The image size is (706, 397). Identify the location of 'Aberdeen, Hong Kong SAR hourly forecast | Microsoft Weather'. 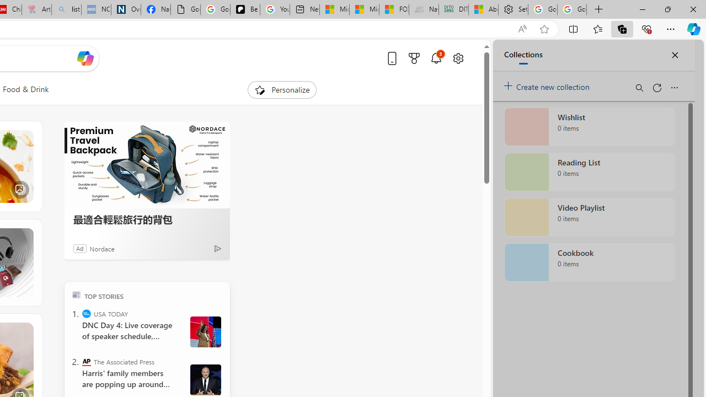
(483, 9).